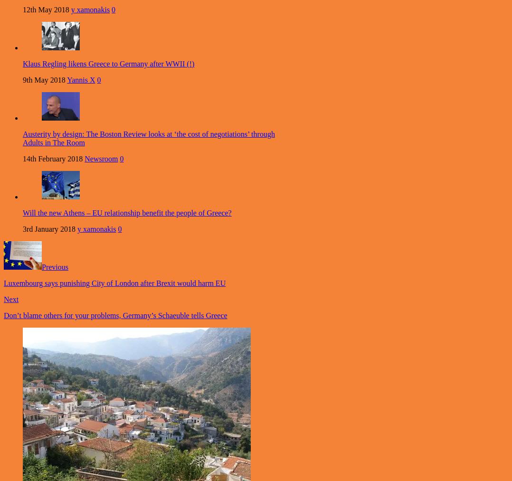 The width and height of the screenshot is (512, 481). I want to click on 'Don’t blame others for your problems, Germany’s Schaeuble tells Greece', so click(3, 315).